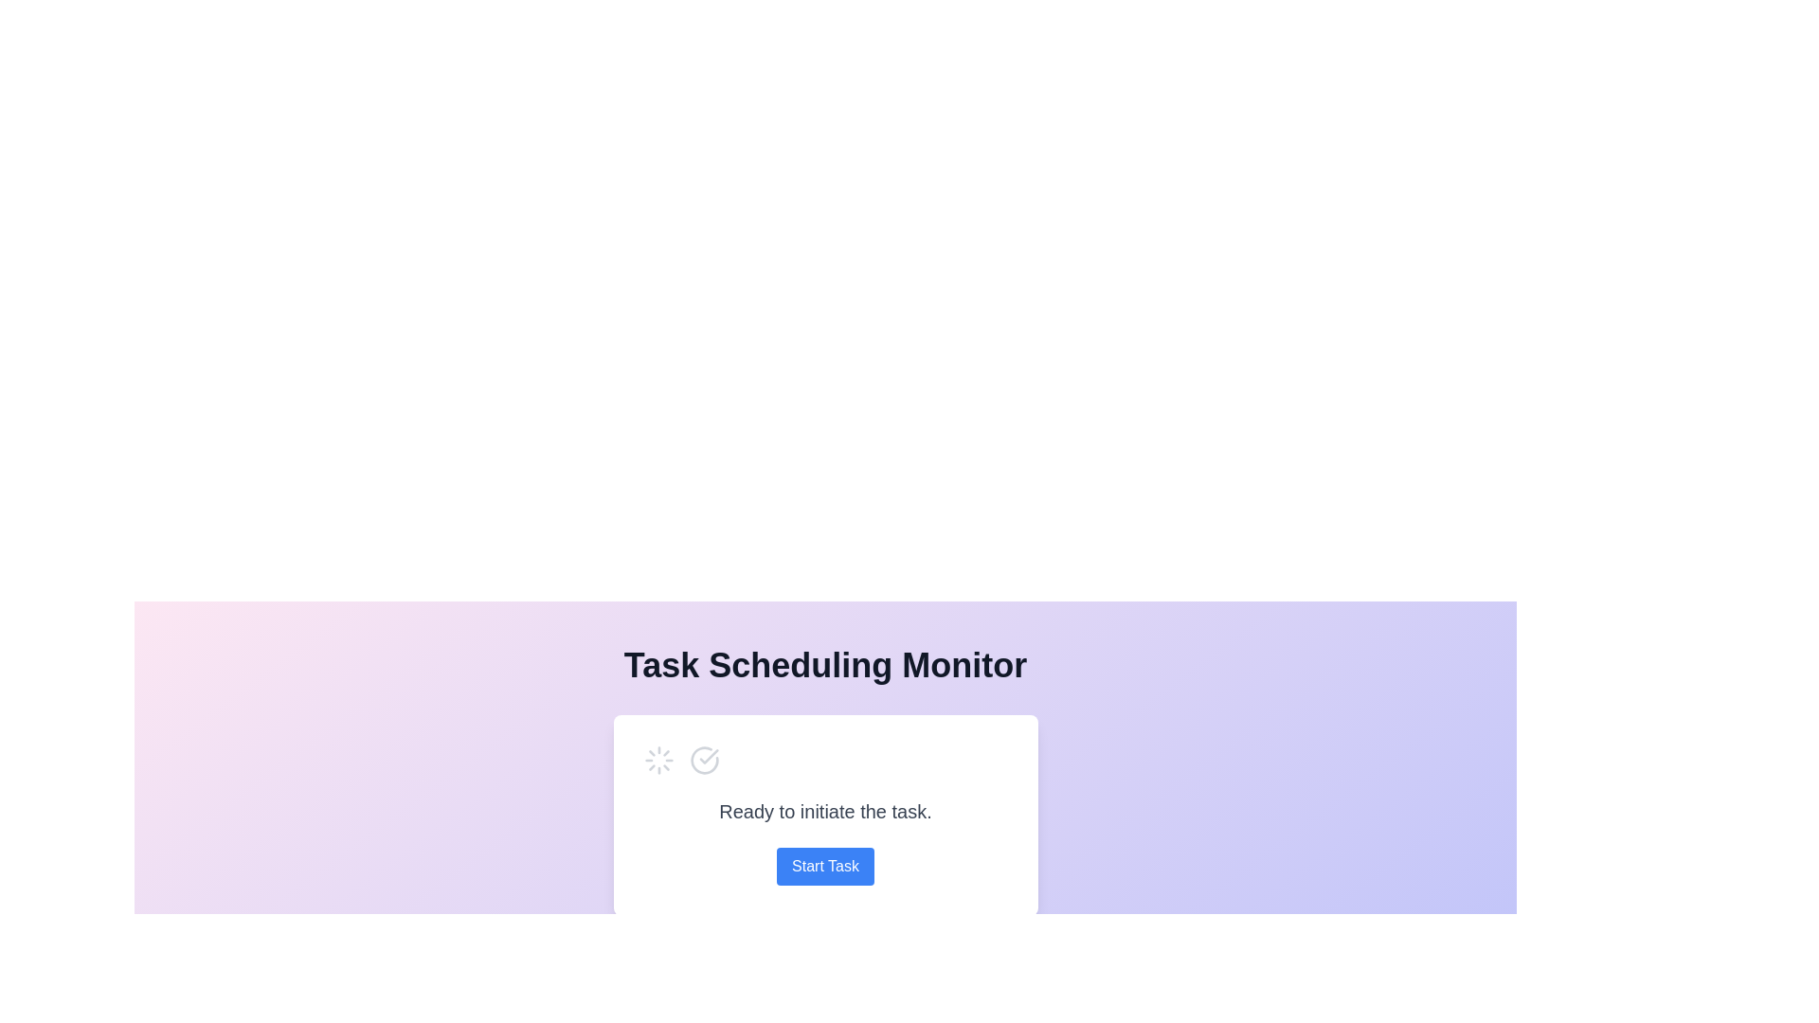 The width and height of the screenshot is (1819, 1023). I want to click on the success status icon, which is the second icon in a horizontal group of icons, indicating completion or readiness, so click(703, 759).